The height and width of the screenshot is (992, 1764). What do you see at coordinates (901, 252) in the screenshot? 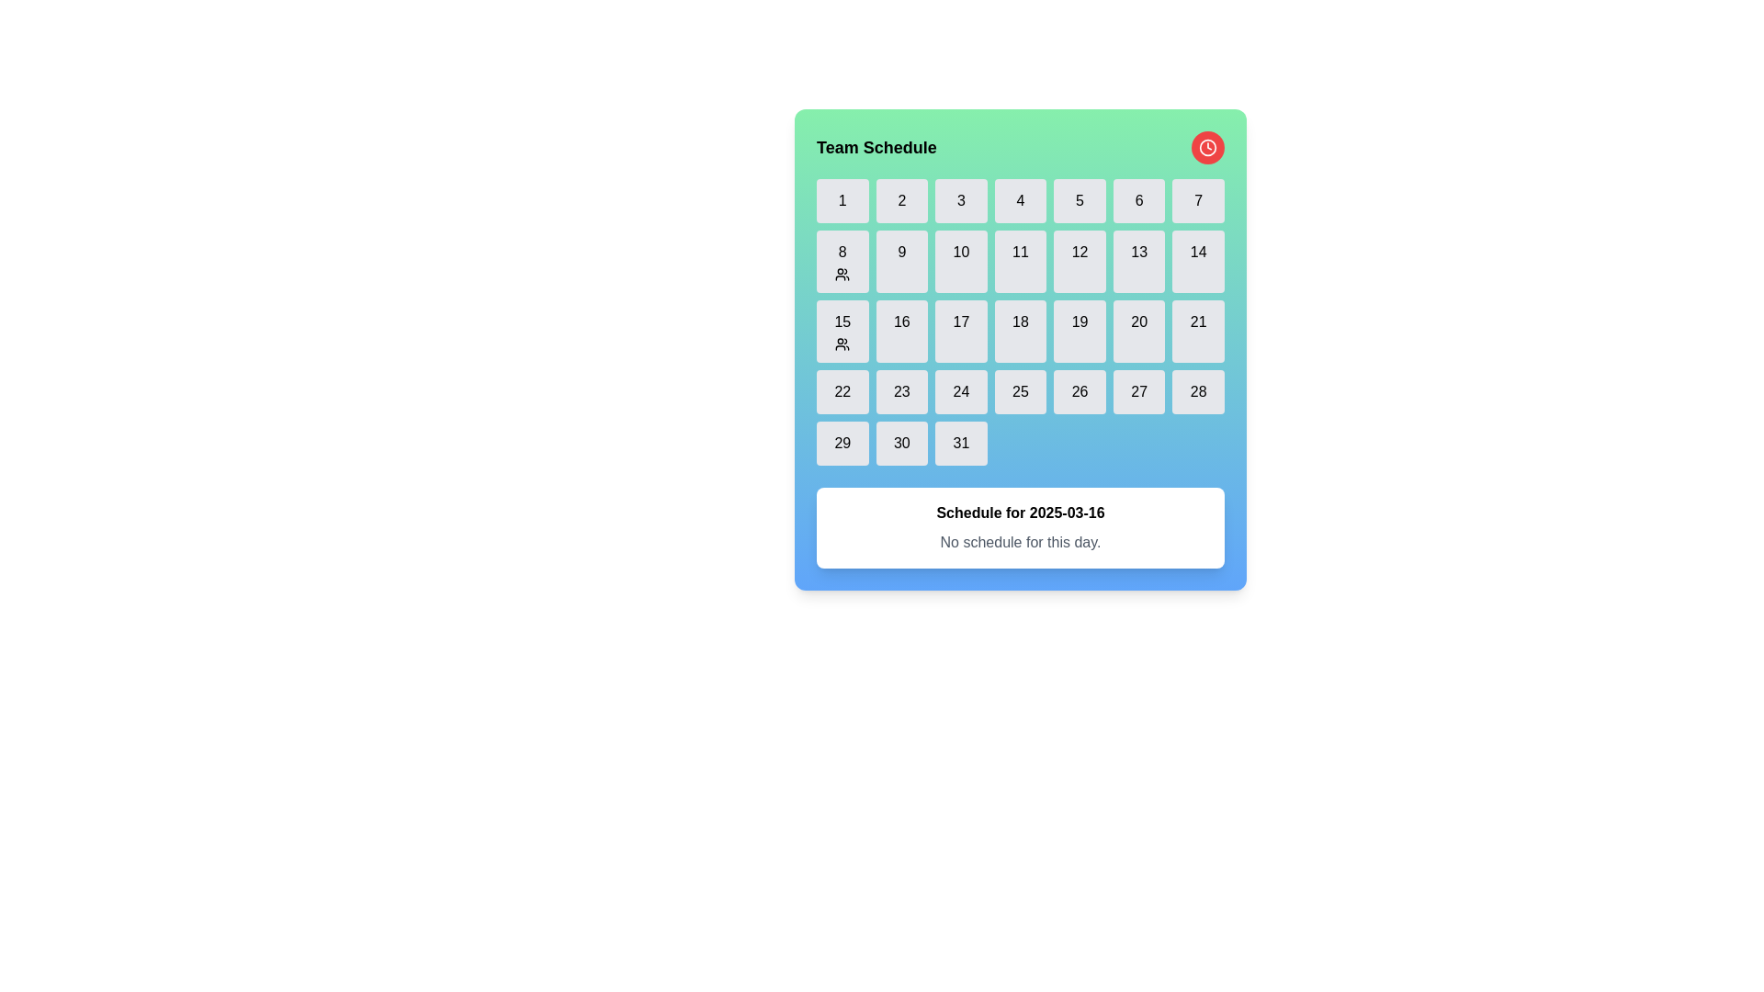
I see `number displayed in the Text Label that shows the date '9' in the calendar grid, located at the center of the bounding box coordinates` at bounding box center [901, 252].